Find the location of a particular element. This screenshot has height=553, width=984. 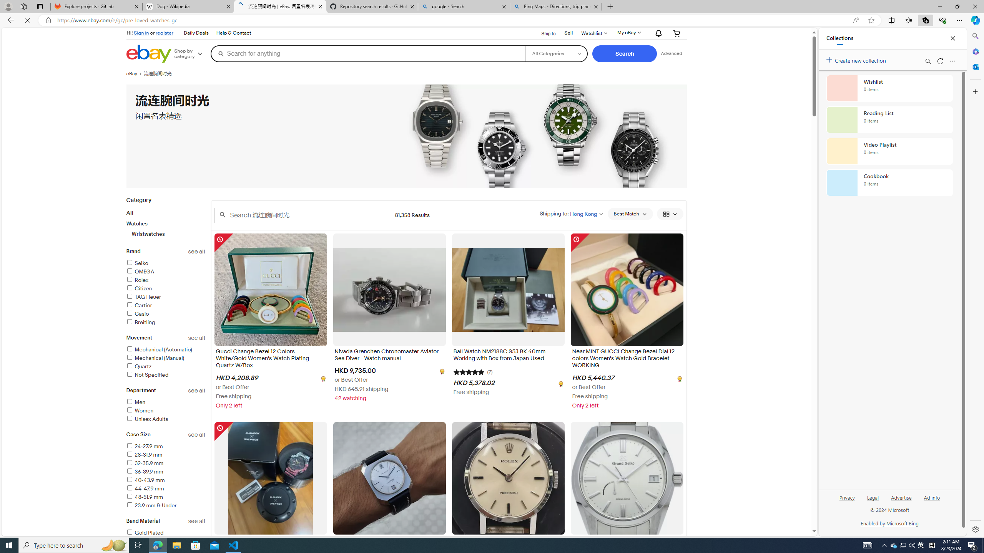

'More options menu' is located at coordinates (952, 61).